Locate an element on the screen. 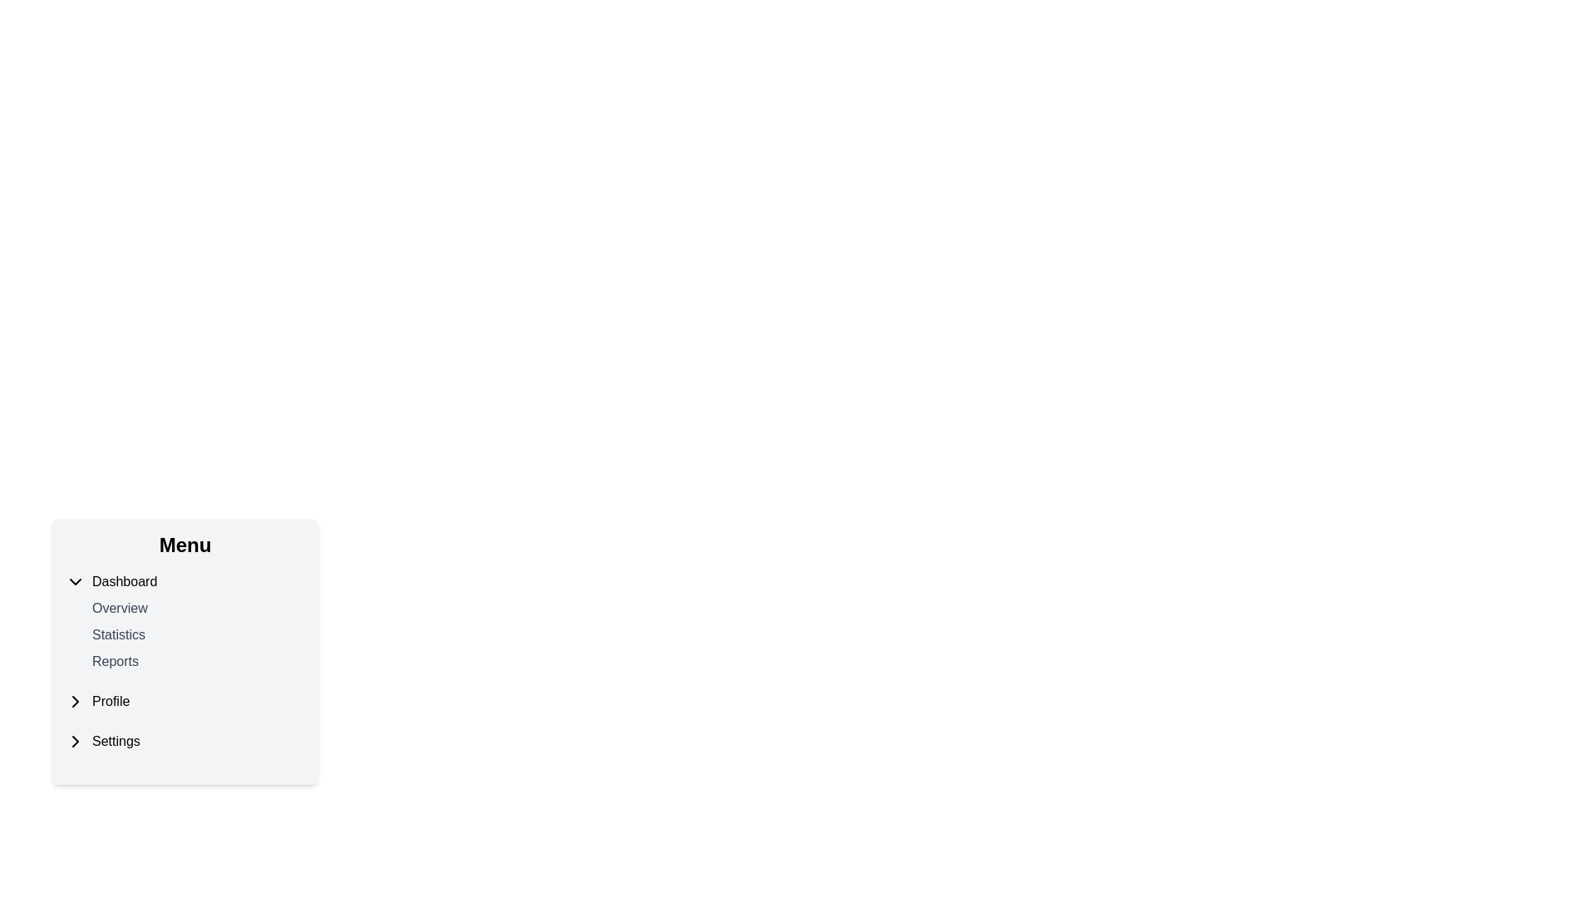 This screenshot has width=1596, height=898. the icon located to the left of the text 'Dashboard' in the vertical menu is located at coordinates (75, 580).